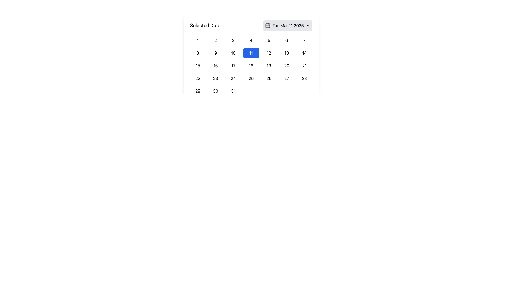  Describe the element at coordinates (233, 40) in the screenshot. I see `the button representing the third day in the calendar grid` at that location.